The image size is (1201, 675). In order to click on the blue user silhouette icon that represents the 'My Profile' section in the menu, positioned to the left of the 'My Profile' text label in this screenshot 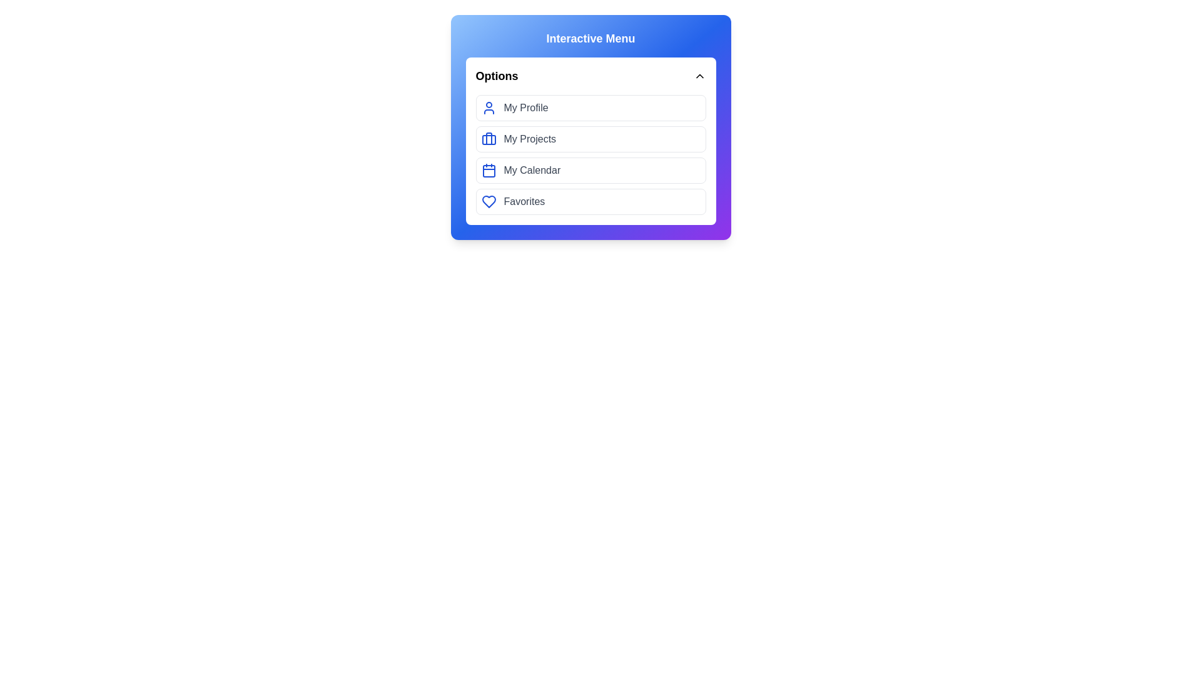, I will do `click(488, 107)`.